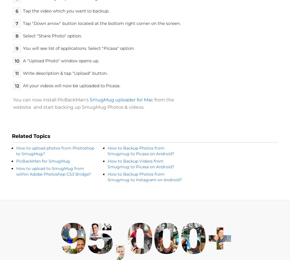 The height and width of the screenshot is (260, 290). I want to click on 'Tap "Down arrow" button located at the bottom right corner on the screen.', so click(102, 23).